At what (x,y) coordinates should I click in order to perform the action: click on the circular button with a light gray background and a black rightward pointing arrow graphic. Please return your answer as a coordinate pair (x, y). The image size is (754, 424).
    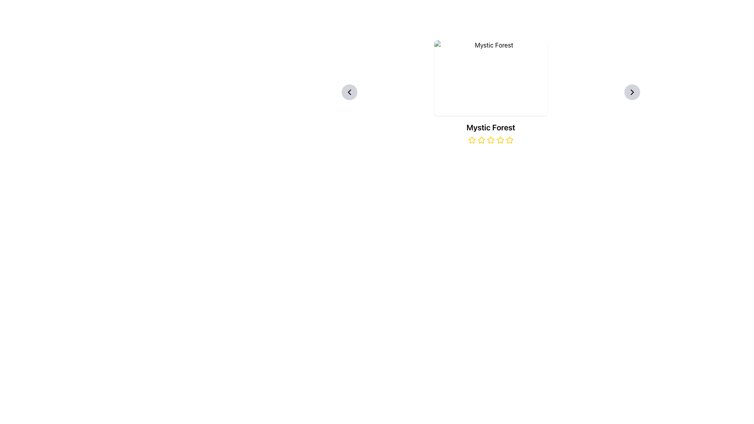
    Looking at the image, I should click on (632, 92).